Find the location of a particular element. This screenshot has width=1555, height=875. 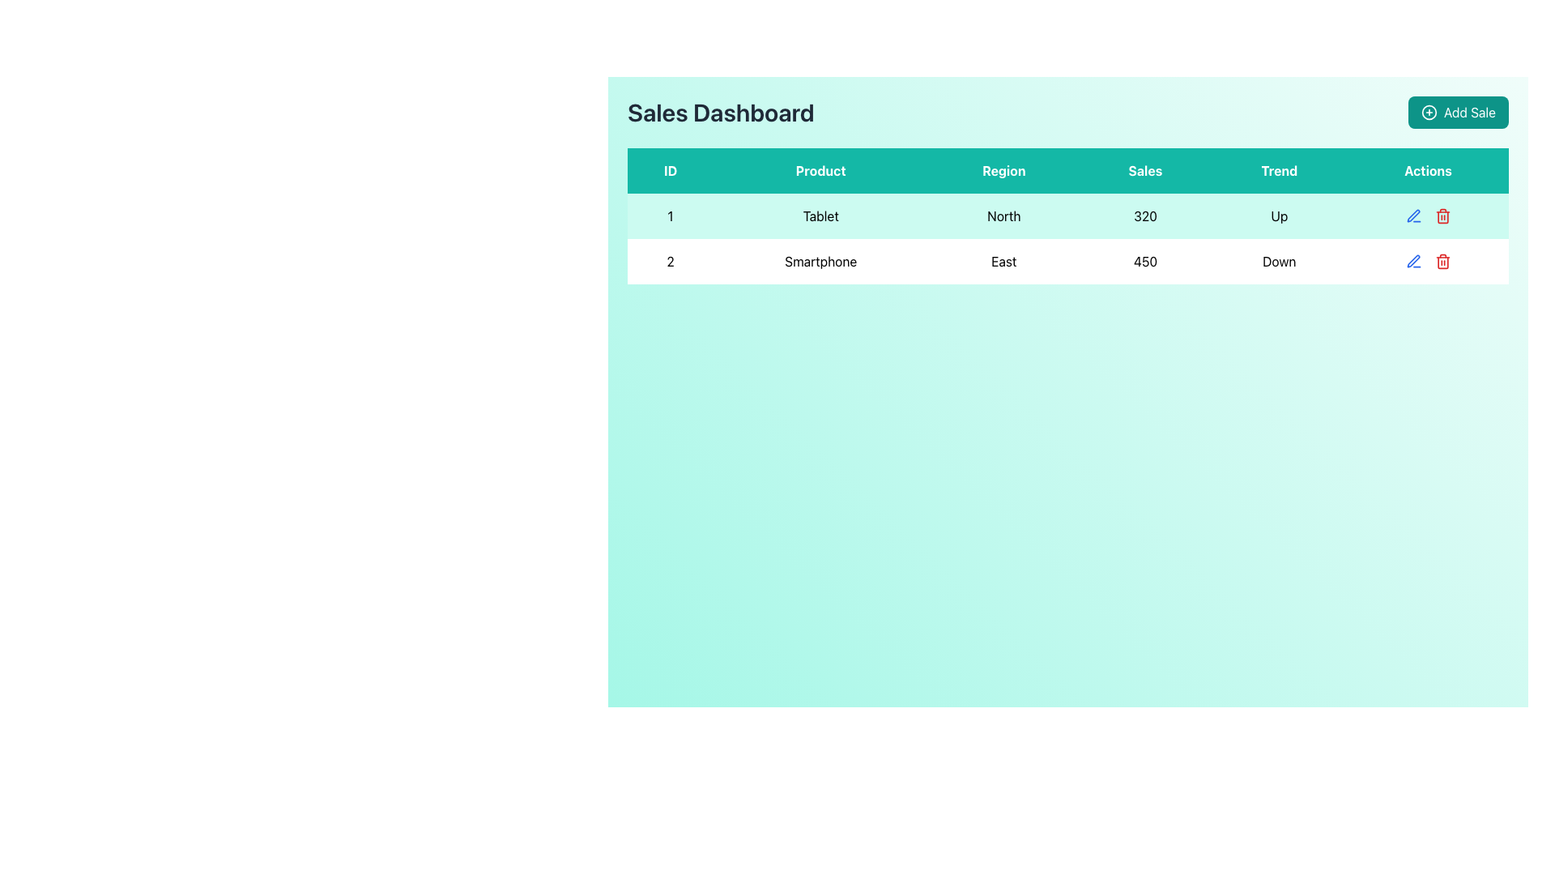

the edit icon button in the 'Actions' column of the 'Smartphone' row to initiate editing of its respective data fields is located at coordinates (1412, 215).